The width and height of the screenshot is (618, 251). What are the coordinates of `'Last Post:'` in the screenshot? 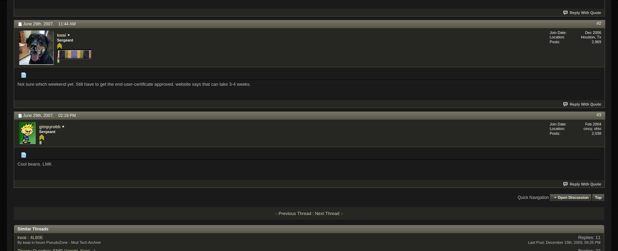 It's located at (536, 242).